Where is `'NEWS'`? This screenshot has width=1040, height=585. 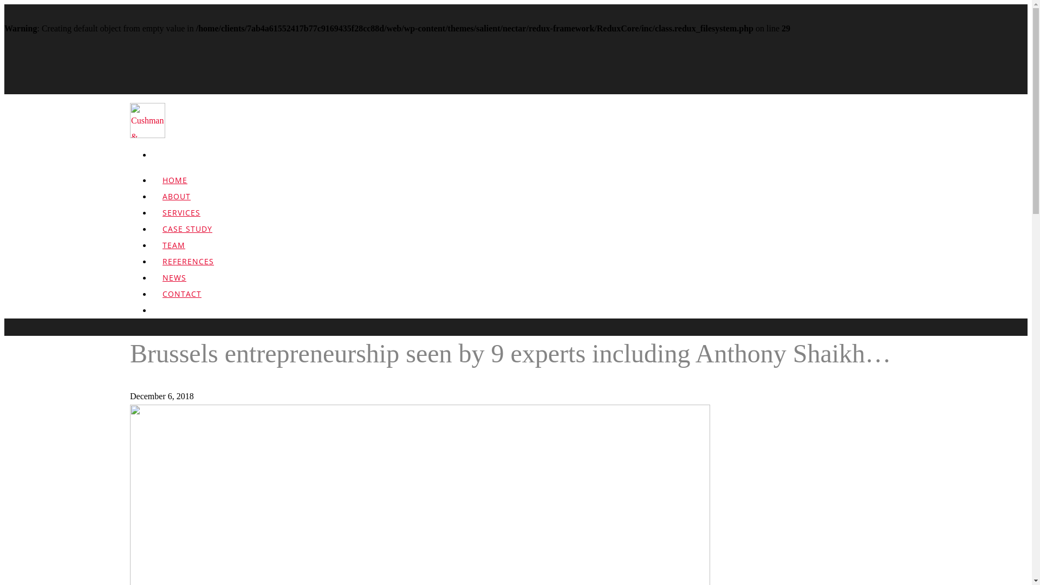
'NEWS' is located at coordinates (151, 284).